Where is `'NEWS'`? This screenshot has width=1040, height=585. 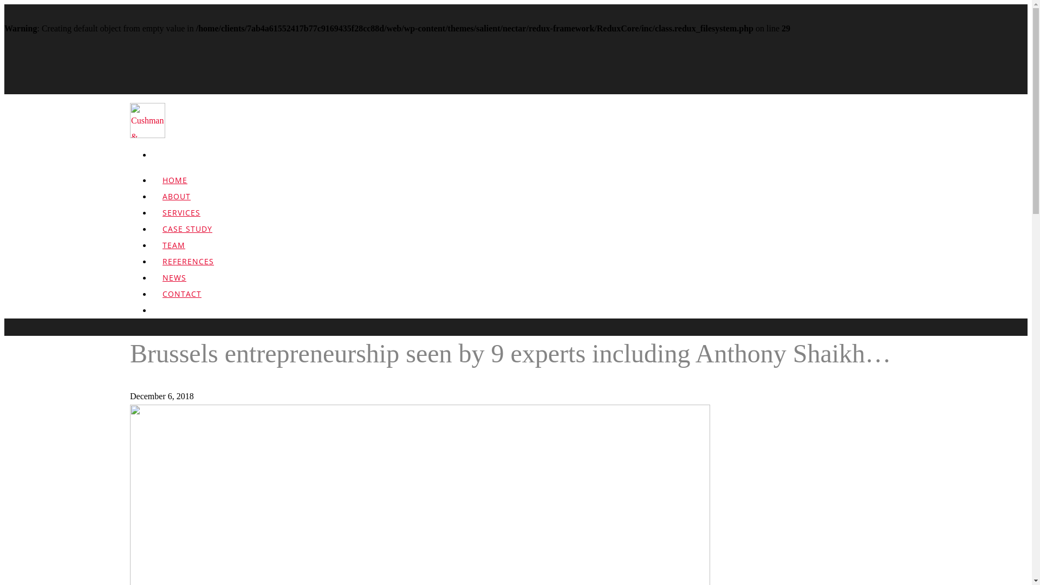
'NEWS' is located at coordinates (151, 284).